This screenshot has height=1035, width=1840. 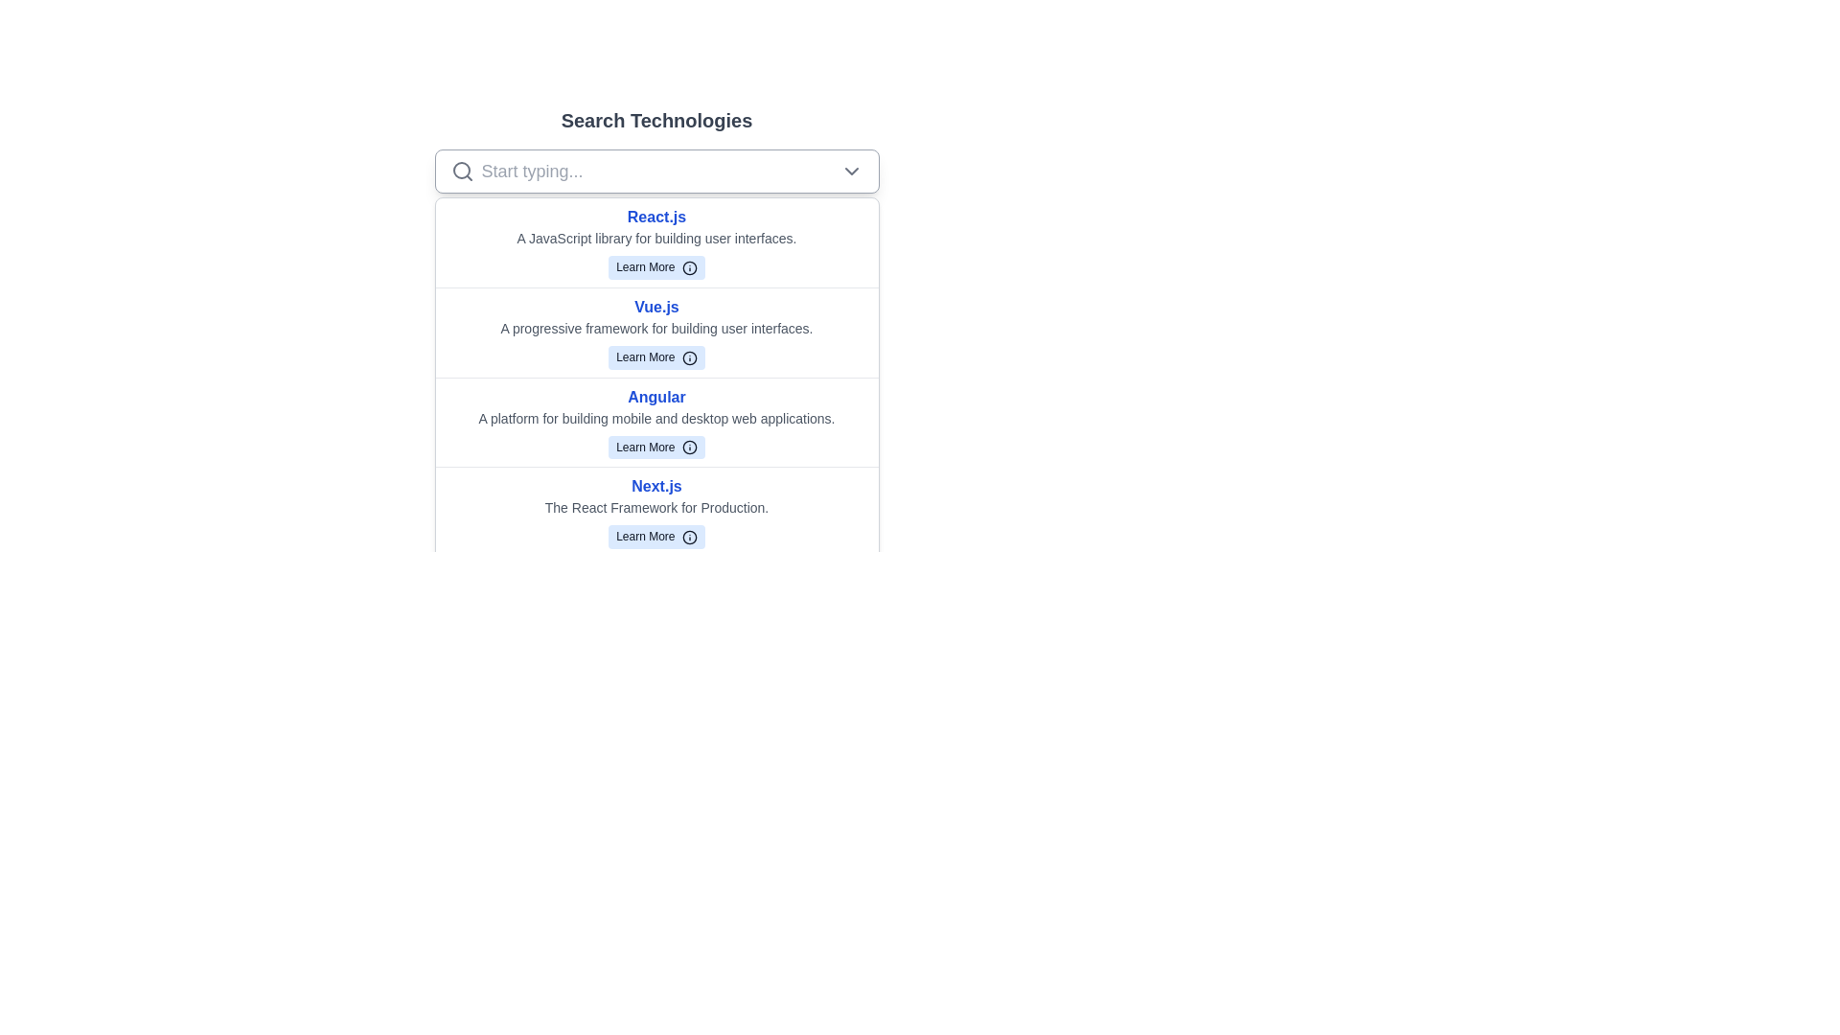 I want to click on the circular icon containing an 'i' symbol, styled with a blue stroke and a white background, located immediately to the right of the 'Learn More' text in the fourth row of listed items, so click(x=689, y=538).